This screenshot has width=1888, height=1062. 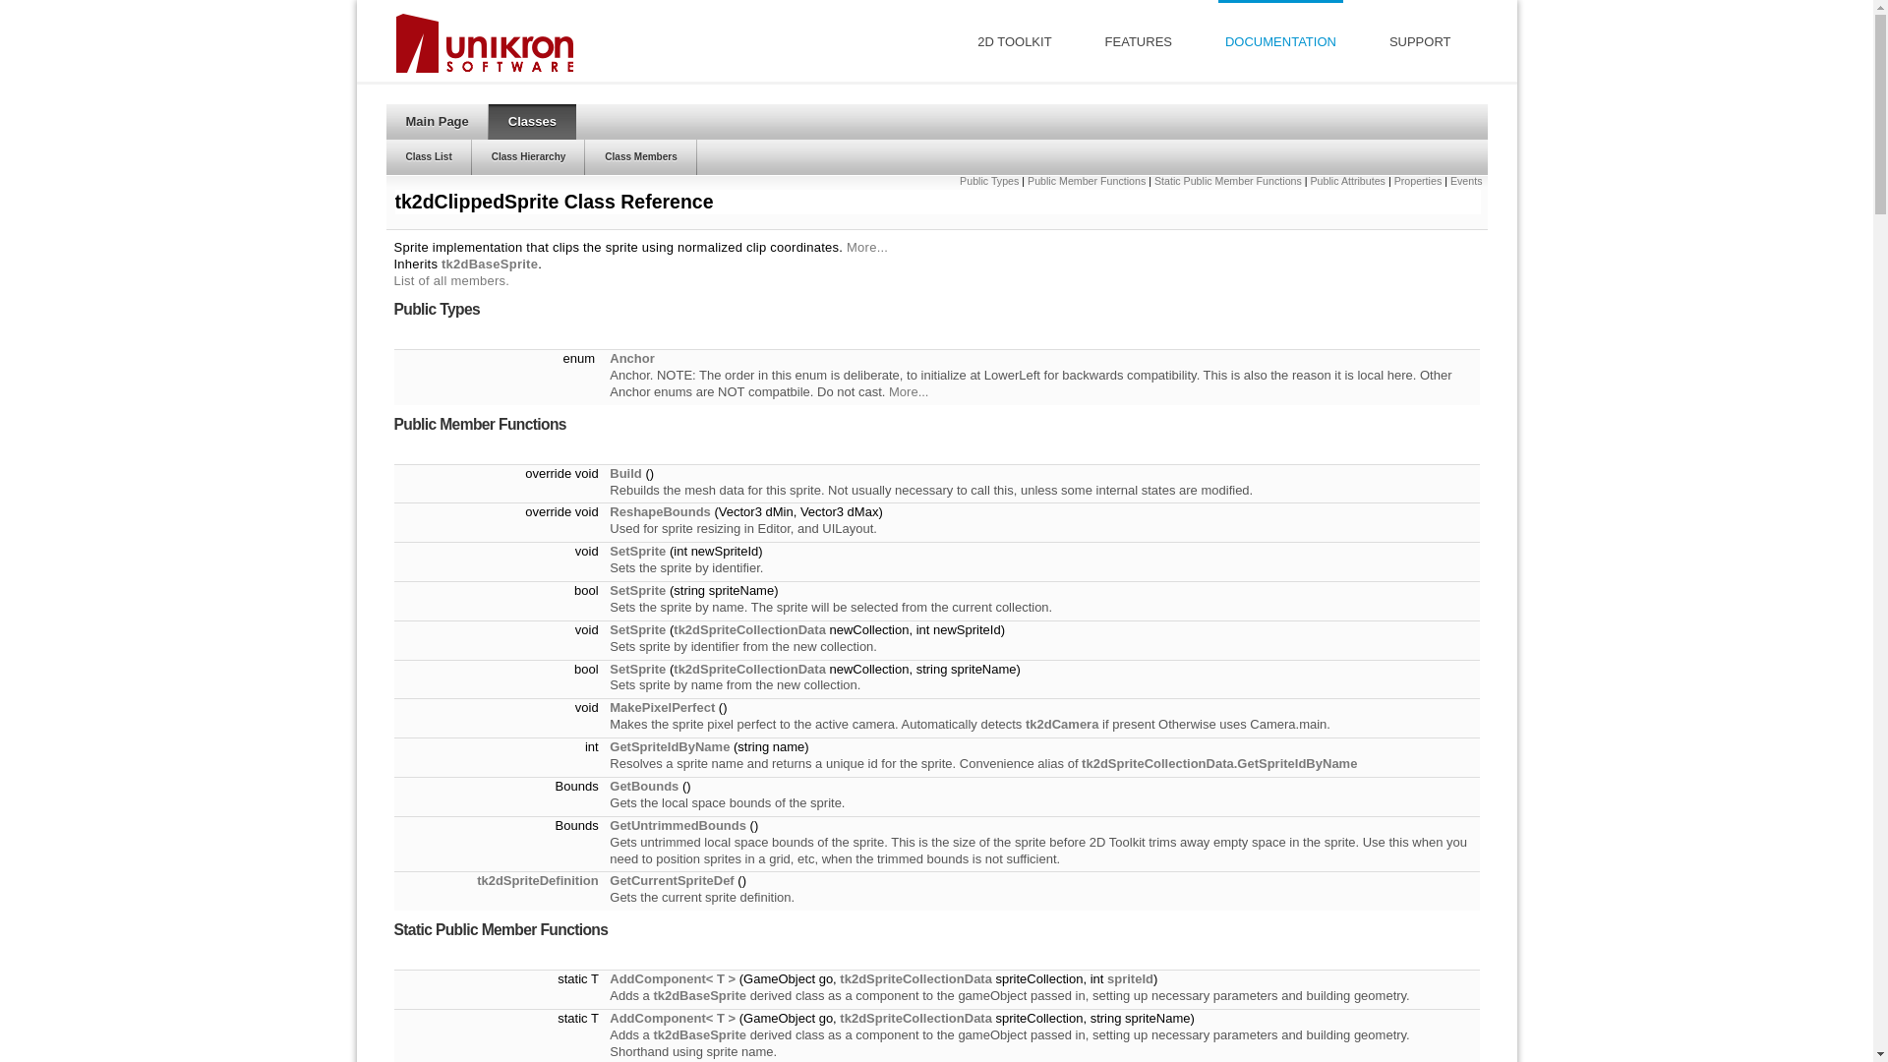 What do you see at coordinates (608, 978) in the screenshot?
I see `'AddComponent< T >'` at bounding box center [608, 978].